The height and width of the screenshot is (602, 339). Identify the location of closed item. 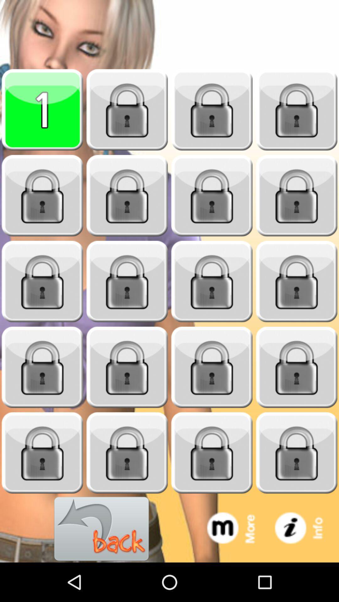
(127, 453).